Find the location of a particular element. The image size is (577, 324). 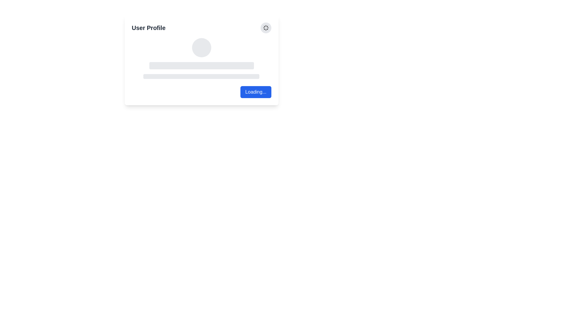

the Loader icon, which is a circular button with a light gray background located at the top-right corner of the card-like layout, indicating a loading or processing state is located at coordinates (265, 28).